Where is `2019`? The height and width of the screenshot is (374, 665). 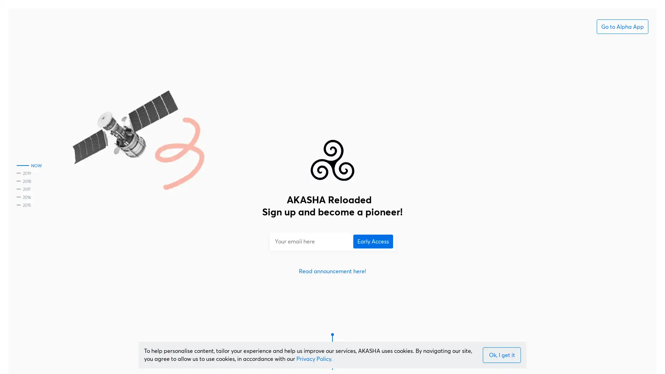
2019 is located at coordinates (24, 173).